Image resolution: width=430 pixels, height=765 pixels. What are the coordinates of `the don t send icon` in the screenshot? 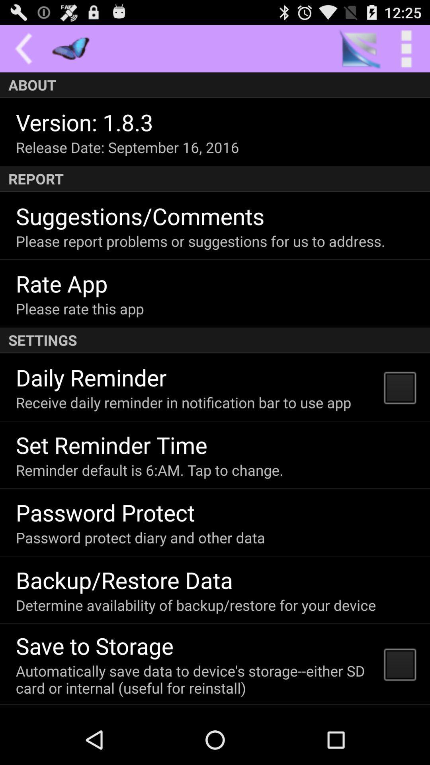 It's located at (95, 713).